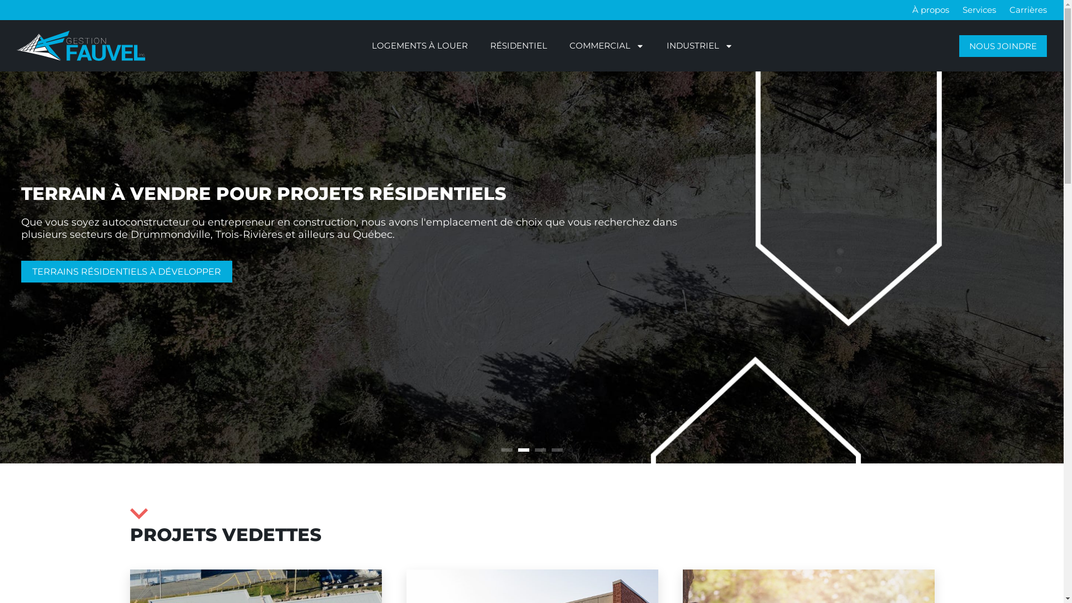 The width and height of the screenshot is (1072, 603). What do you see at coordinates (978, 10) in the screenshot?
I see `'Services'` at bounding box center [978, 10].